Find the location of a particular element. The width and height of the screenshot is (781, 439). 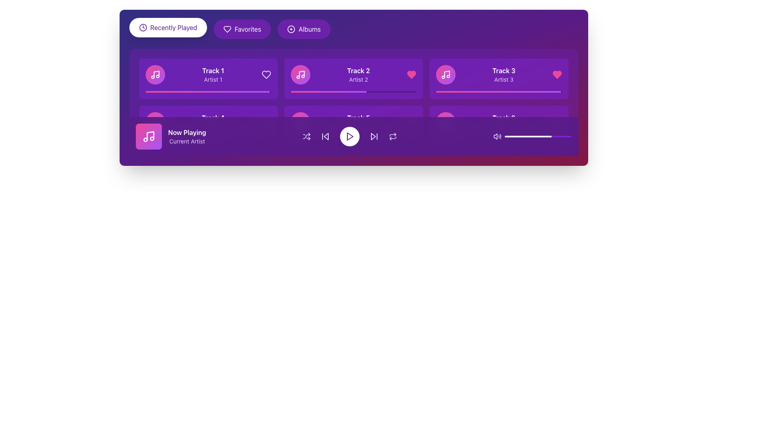

the descriptive text label providing information about the artist associated with 'Track 3', located in the lower section of the card is located at coordinates (503, 80).